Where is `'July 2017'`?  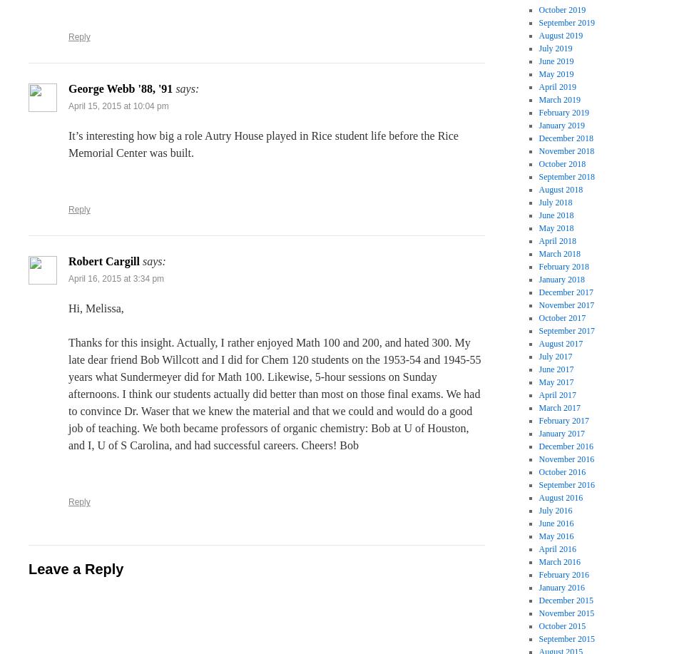 'July 2017' is located at coordinates (555, 356).